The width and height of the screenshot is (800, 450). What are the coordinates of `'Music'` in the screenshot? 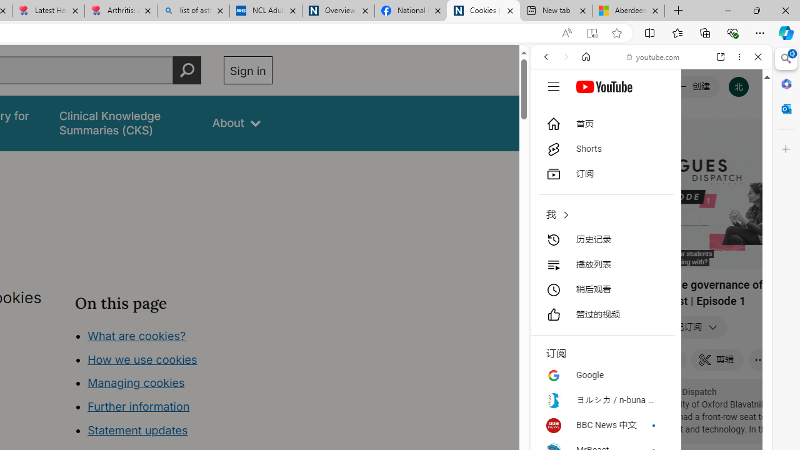 It's located at (651, 339).